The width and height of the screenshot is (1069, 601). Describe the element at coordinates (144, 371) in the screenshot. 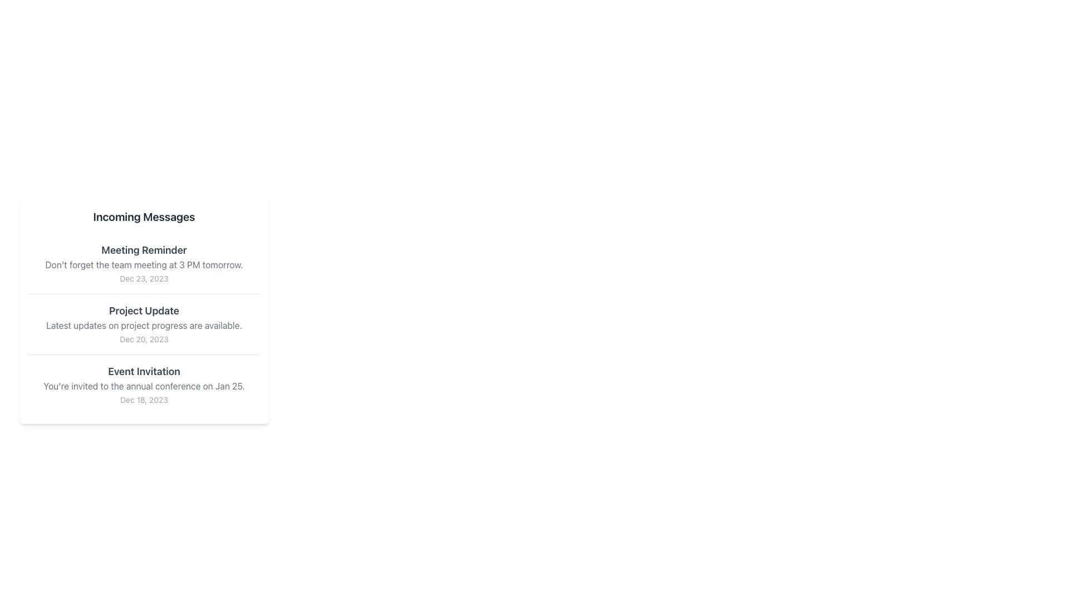

I see `the text label displaying 'Event Invitation' which is styled in bold and larger font, located under 'Incoming Messages'` at that location.